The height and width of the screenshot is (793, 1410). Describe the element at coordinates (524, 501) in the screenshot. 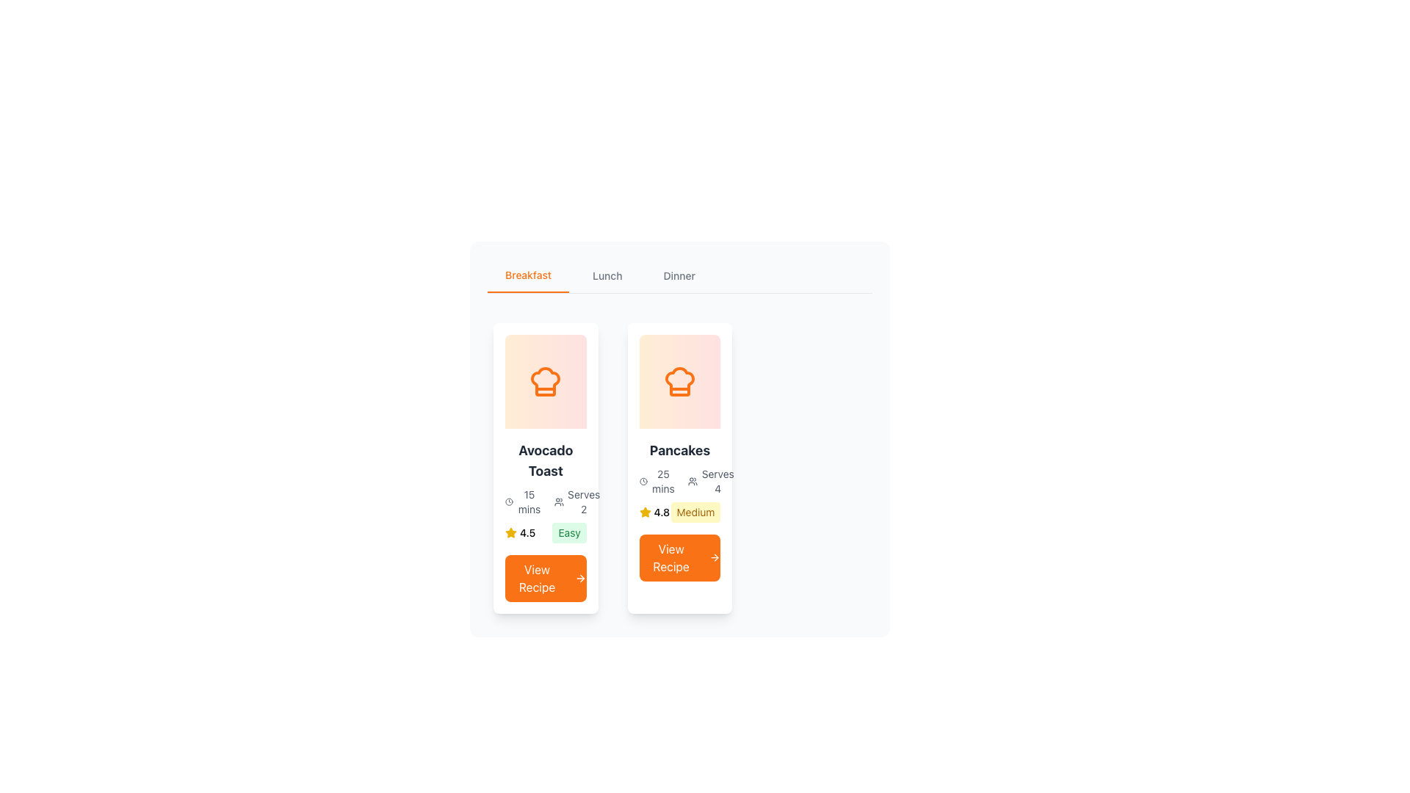

I see `the '15 mins' label with a clock icon` at that location.